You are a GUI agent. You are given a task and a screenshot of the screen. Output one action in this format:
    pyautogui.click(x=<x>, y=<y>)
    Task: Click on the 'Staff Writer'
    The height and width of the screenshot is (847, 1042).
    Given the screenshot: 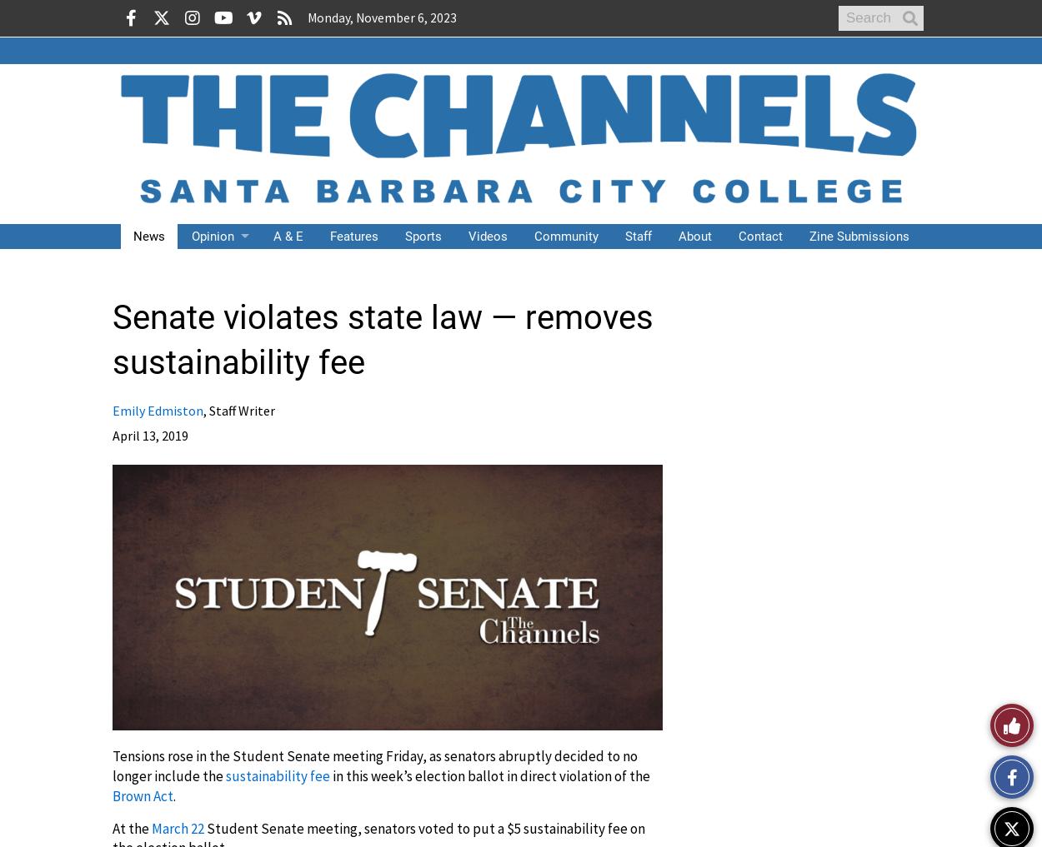 What is the action you would take?
    pyautogui.click(x=242, y=410)
    